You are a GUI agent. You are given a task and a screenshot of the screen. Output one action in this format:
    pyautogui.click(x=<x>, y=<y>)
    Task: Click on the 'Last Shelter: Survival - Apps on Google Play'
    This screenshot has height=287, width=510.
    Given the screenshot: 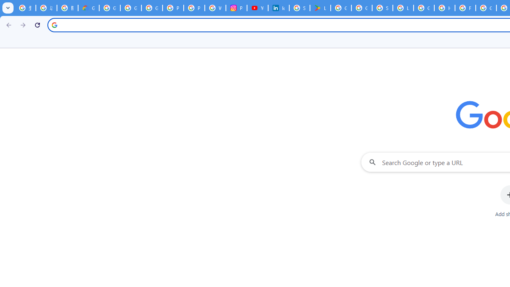 What is the action you would take?
    pyautogui.click(x=320, y=8)
    